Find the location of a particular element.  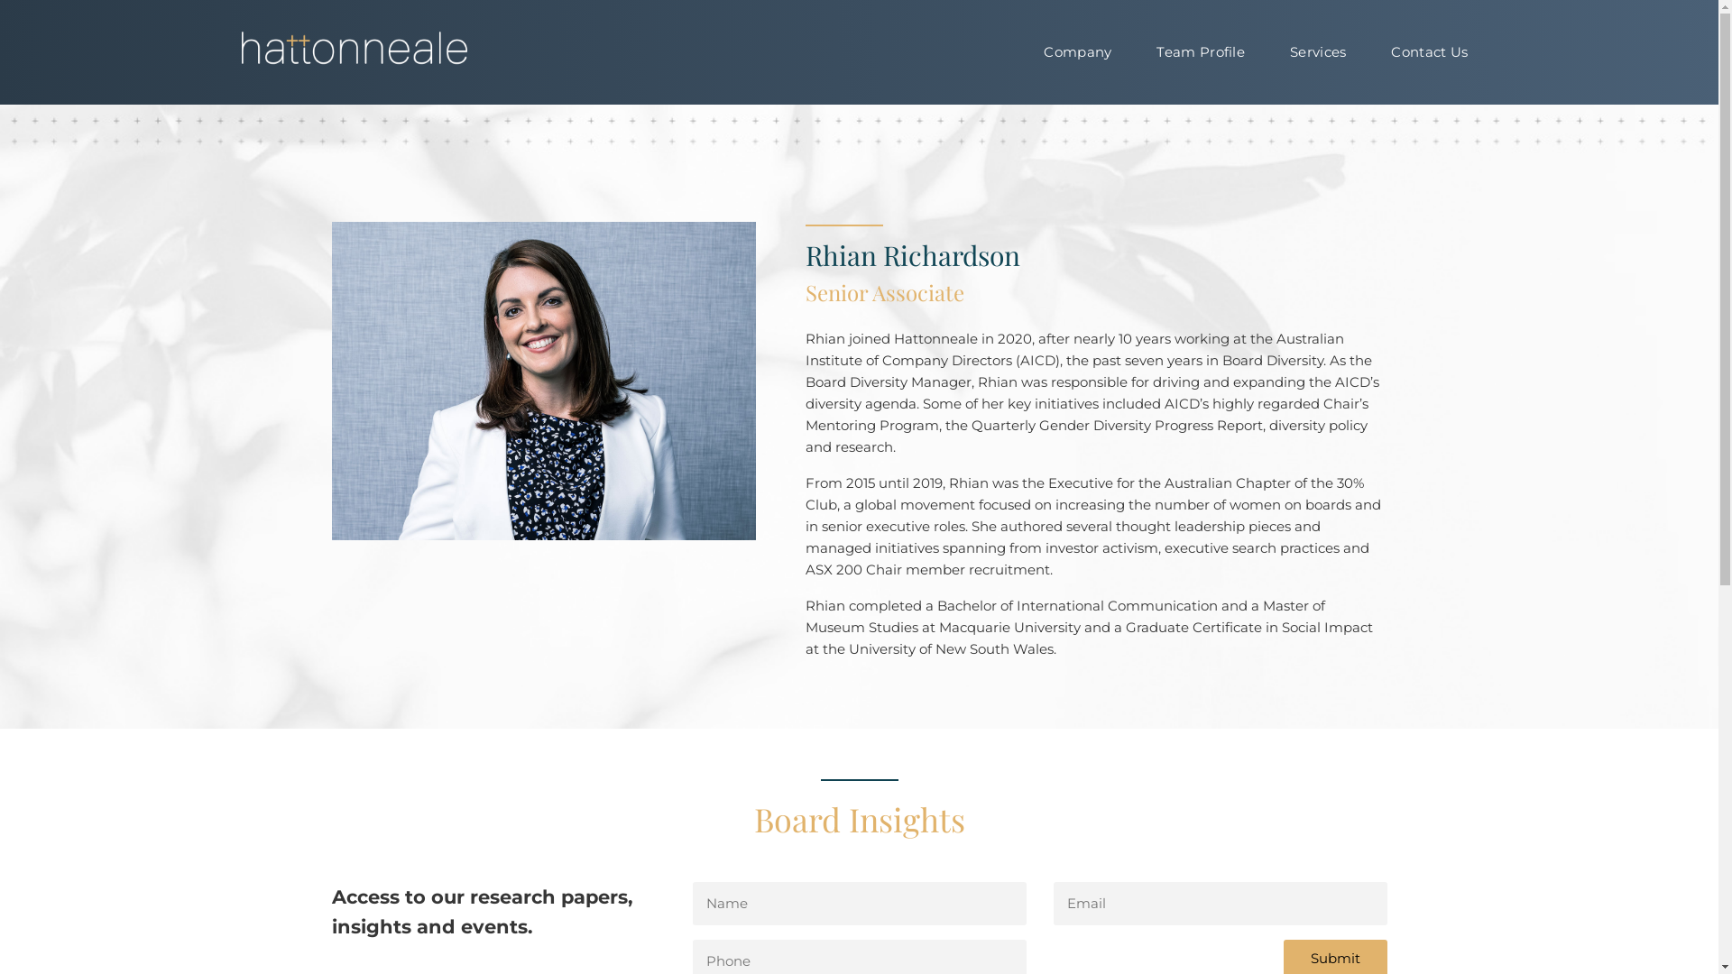

'Contact Us' is located at coordinates (1389, 51).